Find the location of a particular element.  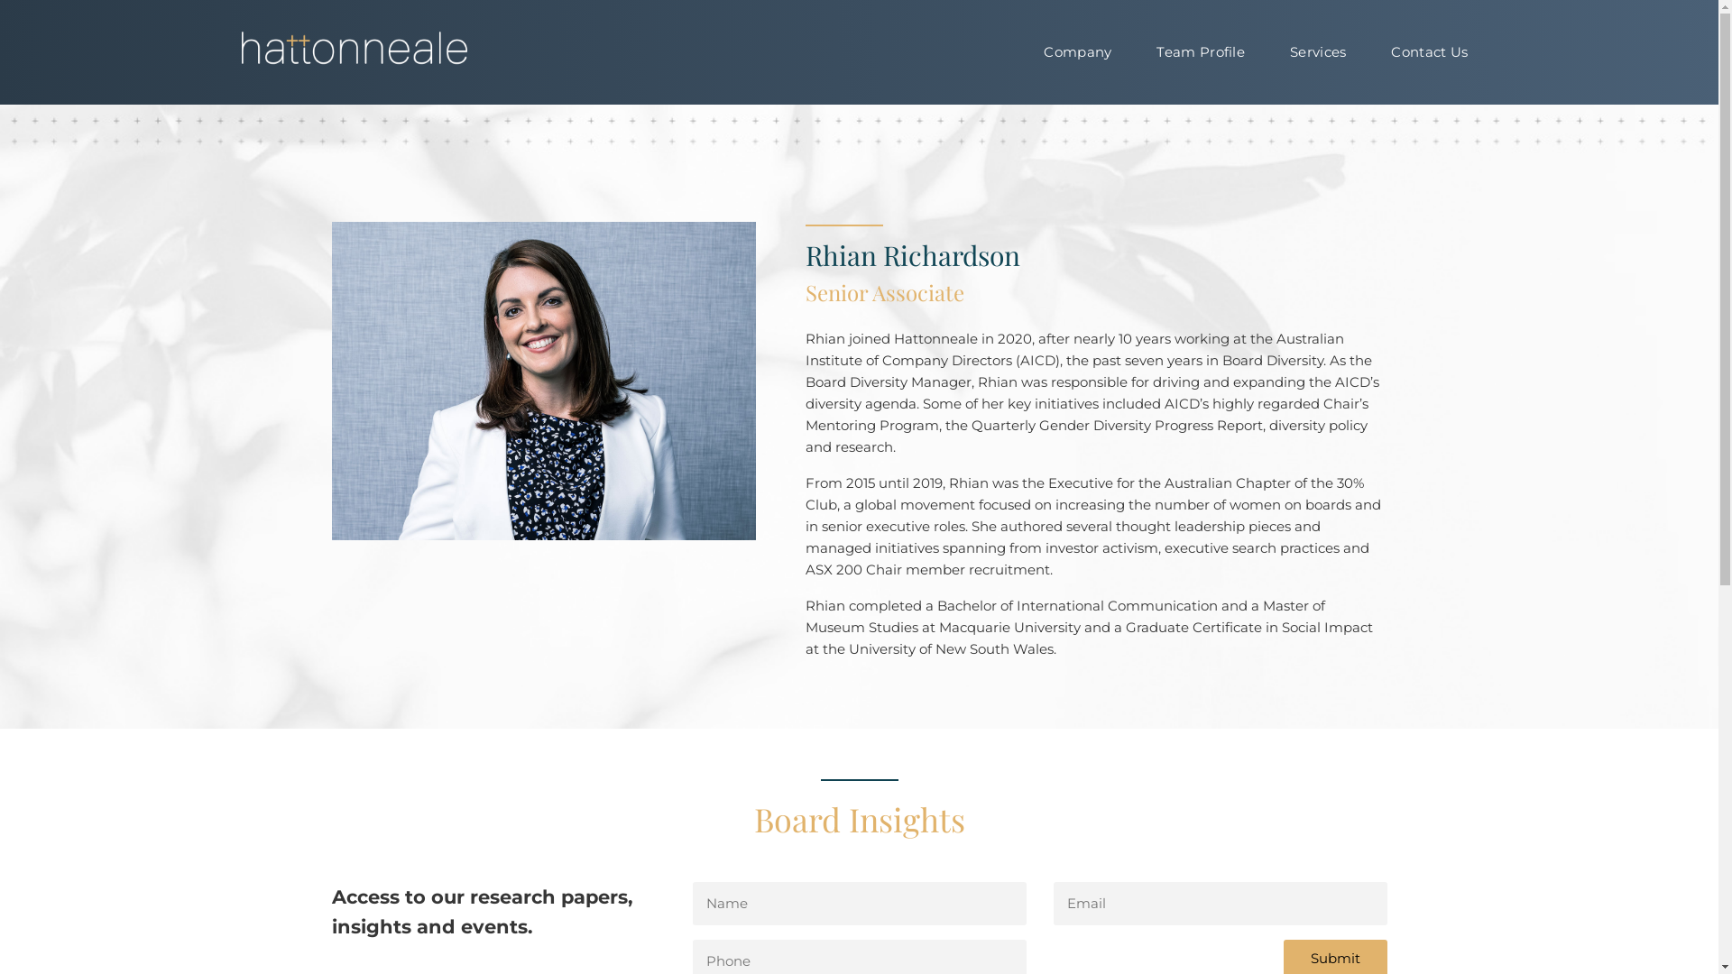

'Contact Us' is located at coordinates (1389, 51).